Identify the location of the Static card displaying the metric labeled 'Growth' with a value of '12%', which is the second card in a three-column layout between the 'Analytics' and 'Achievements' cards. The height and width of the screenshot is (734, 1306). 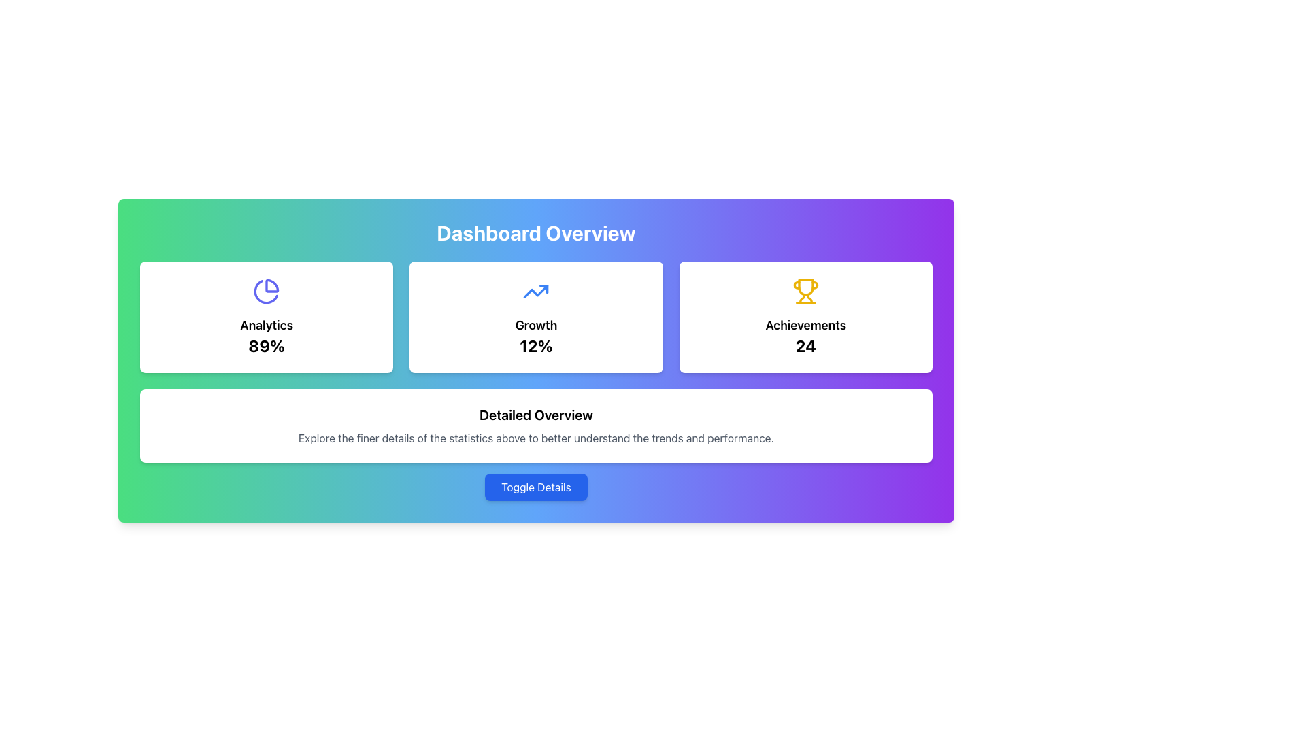
(535, 317).